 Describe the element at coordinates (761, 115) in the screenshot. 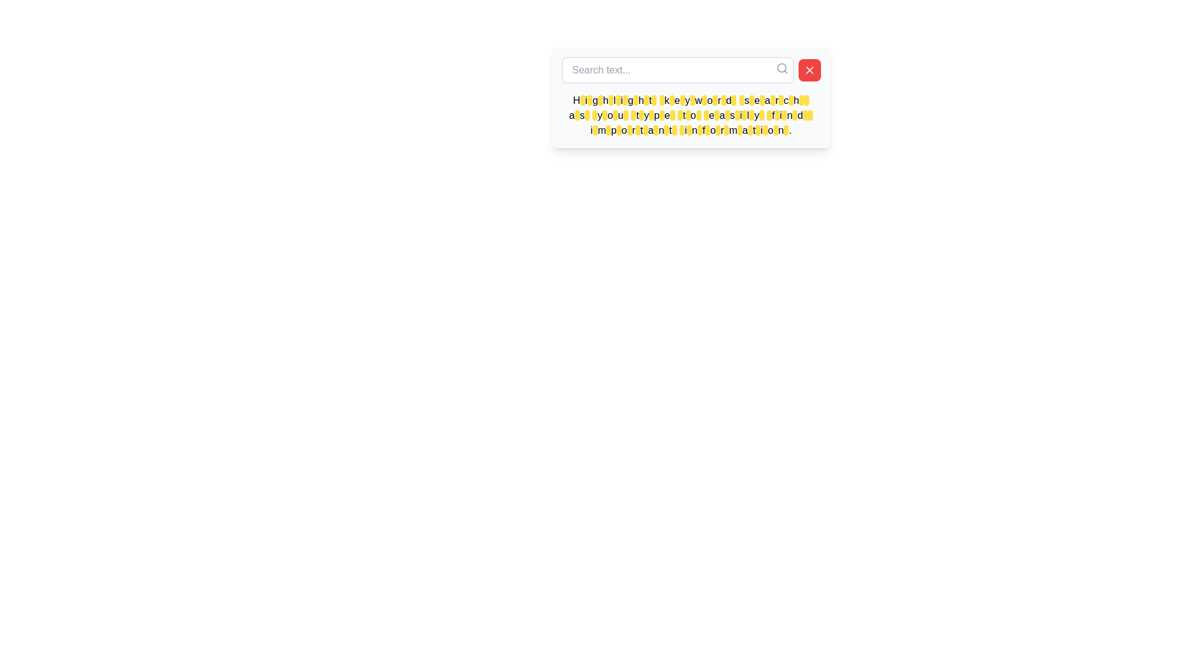

I see `the 48th yellow-highlighted rectangle that emphasizes a keyword in the descriptive text` at that location.